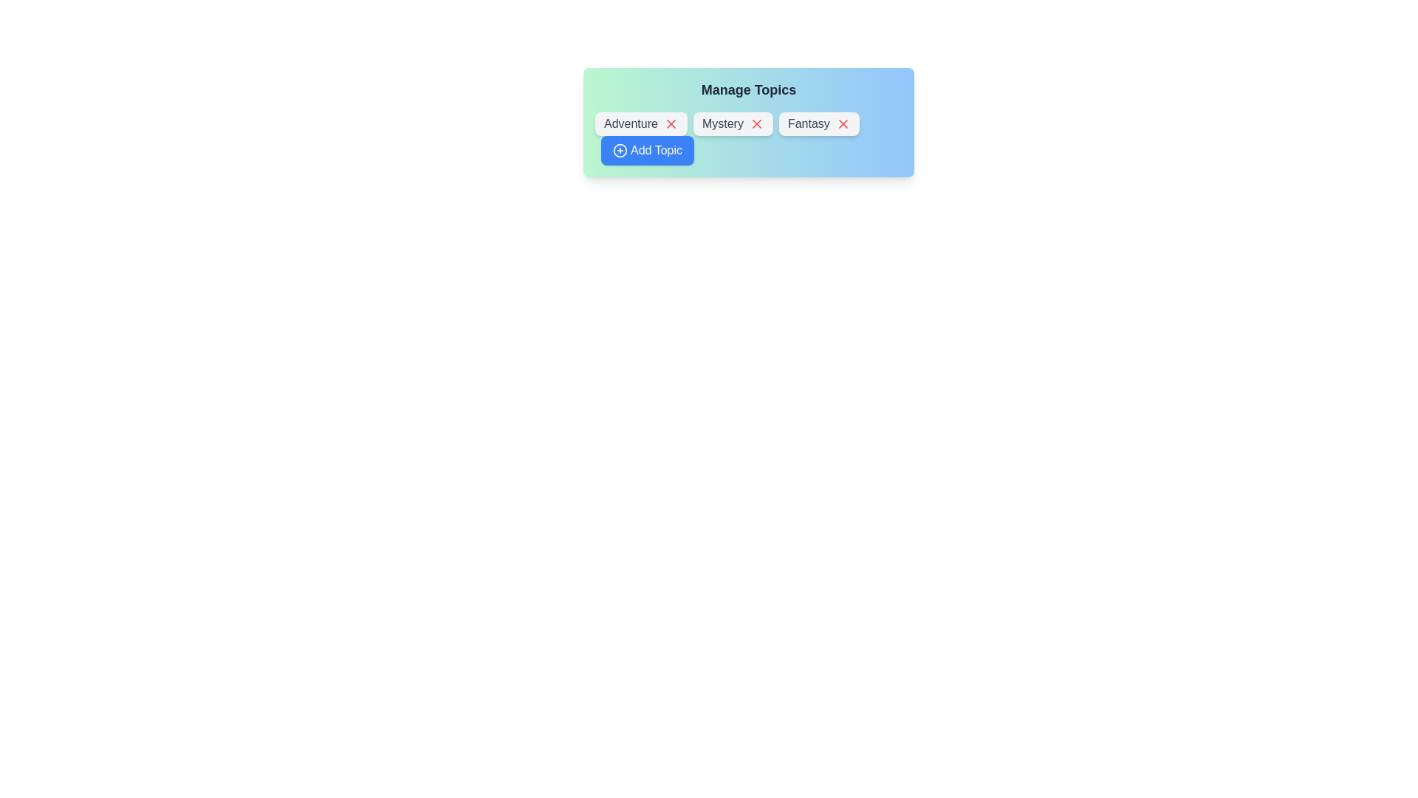 The image size is (1418, 798). I want to click on the text of the chip label Adventure for copying, so click(631, 123).